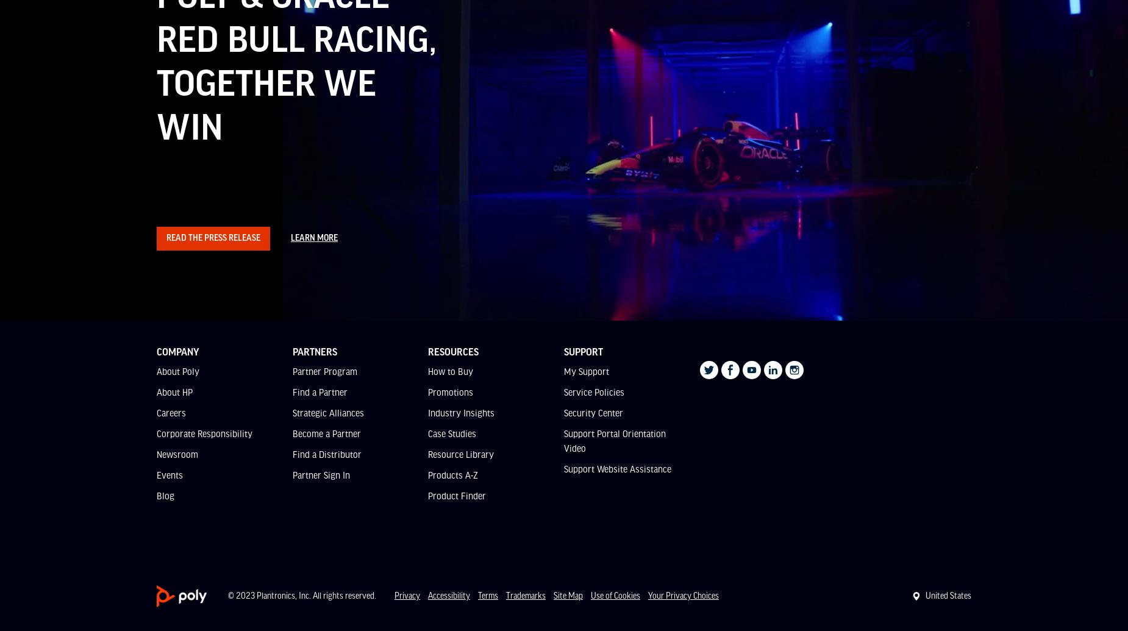 The height and width of the screenshot is (631, 1128). I want to click on 'Accessibility', so click(449, 595).